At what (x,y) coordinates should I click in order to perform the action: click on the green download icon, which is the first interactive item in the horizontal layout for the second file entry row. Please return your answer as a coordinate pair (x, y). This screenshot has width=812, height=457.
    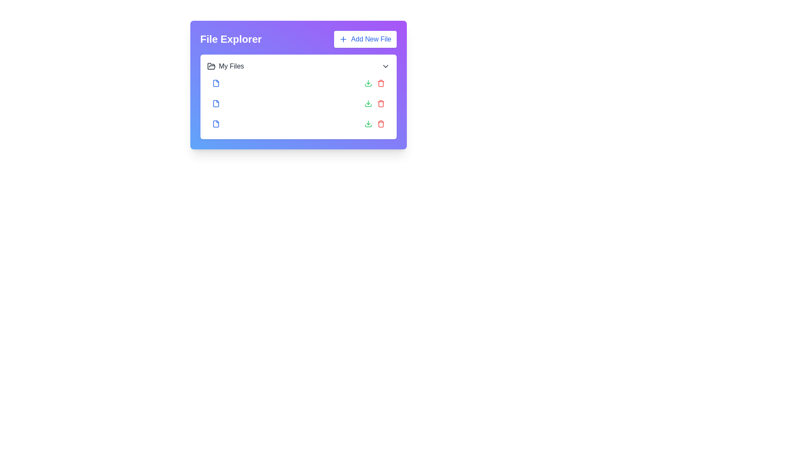
    Looking at the image, I should click on (368, 124).